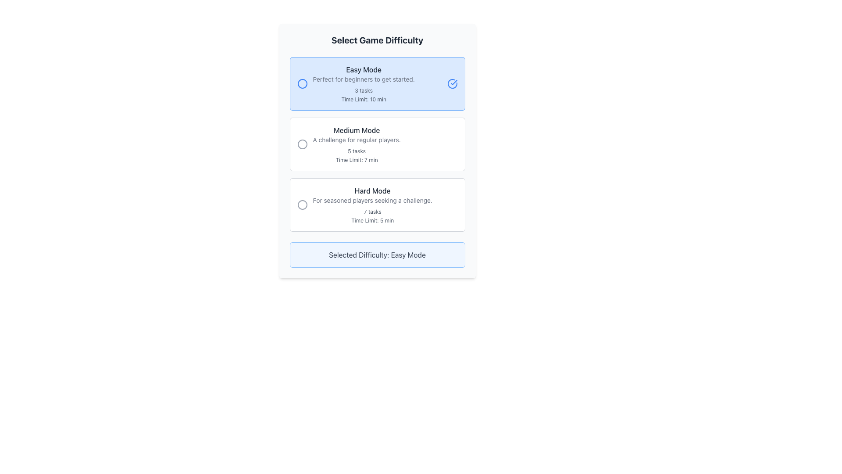 The height and width of the screenshot is (474, 842). Describe the element at coordinates (302, 84) in the screenshot. I see `the circular graphical indicator that visually indicates the 'Easy Mode' option is currently selected, located to the left of the 'Easy Mode' text in the selection menu panel` at that location.